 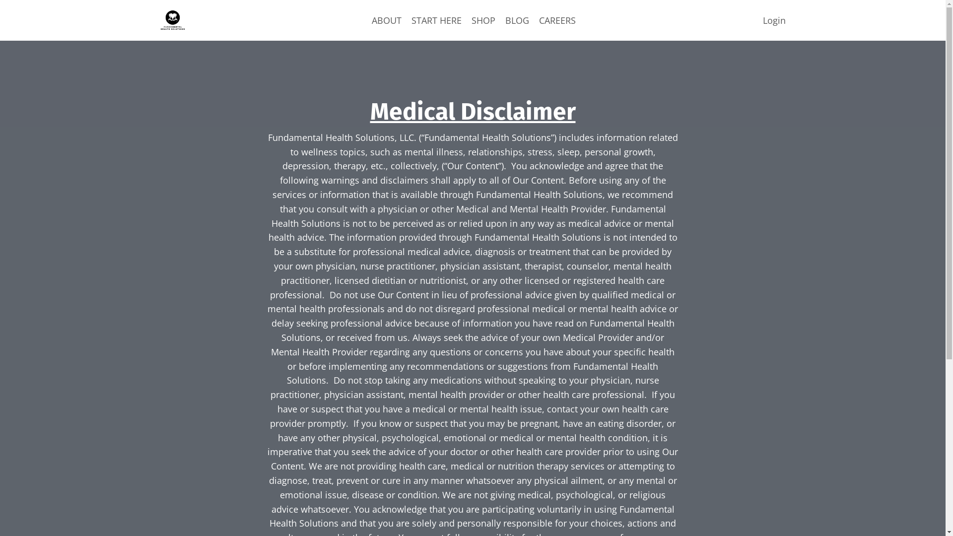 I want to click on 'BLOG', so click(x=505, y=20).